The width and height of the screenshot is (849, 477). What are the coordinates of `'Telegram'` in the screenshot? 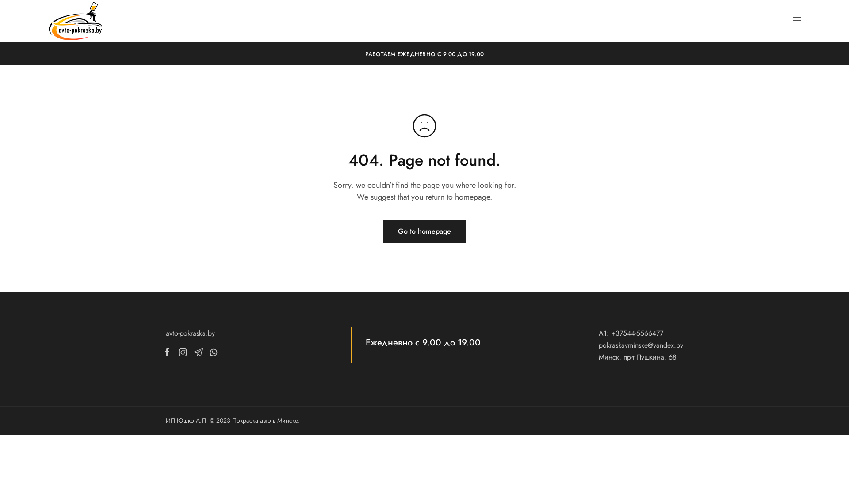 It's located at (197, 354).